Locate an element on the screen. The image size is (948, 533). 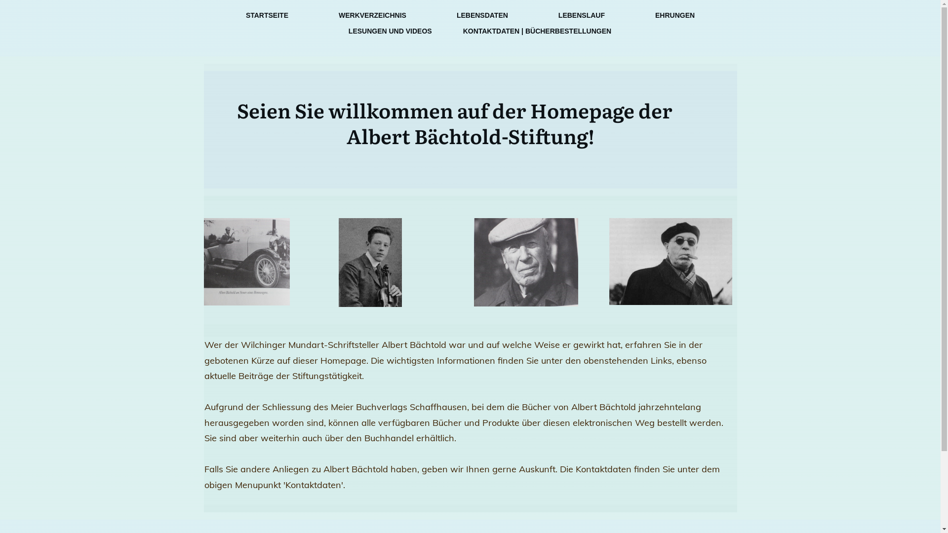
'WERKVERZEICHNIS' is located at coordinates (372, 15).